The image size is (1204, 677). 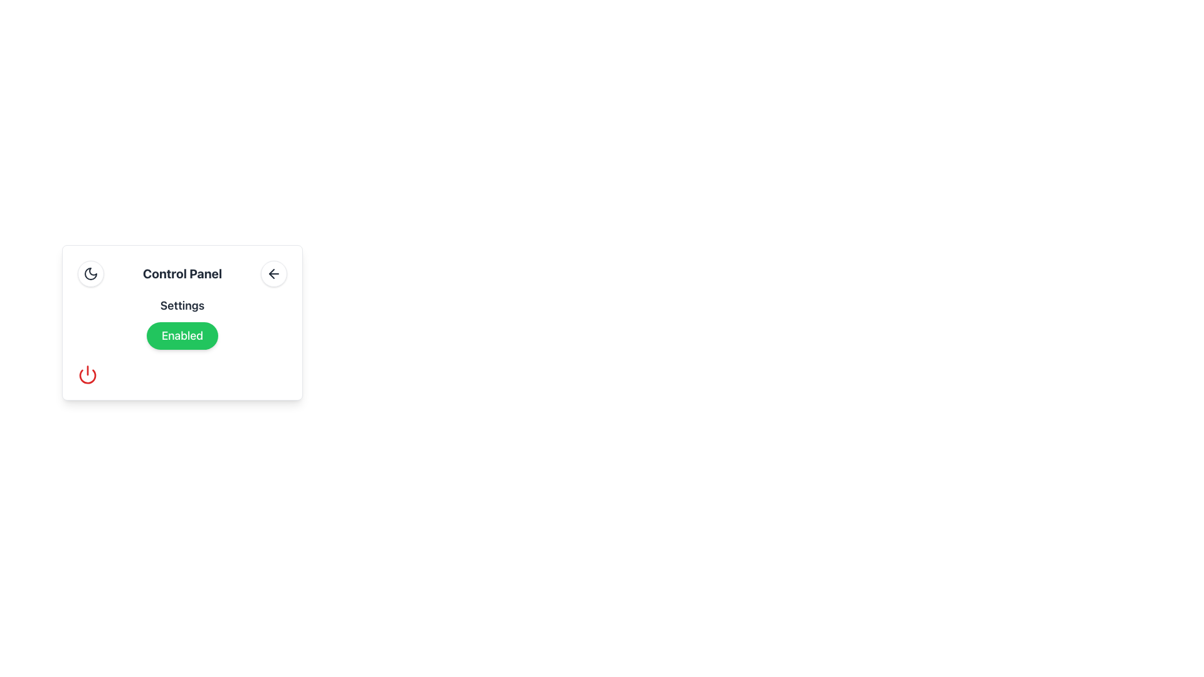 What do you see at coordinates (182, 322) in the screenshot?
I see `the 'Enabled' button located within the 'Control Panel' card component` at bounding box center [182, 322].